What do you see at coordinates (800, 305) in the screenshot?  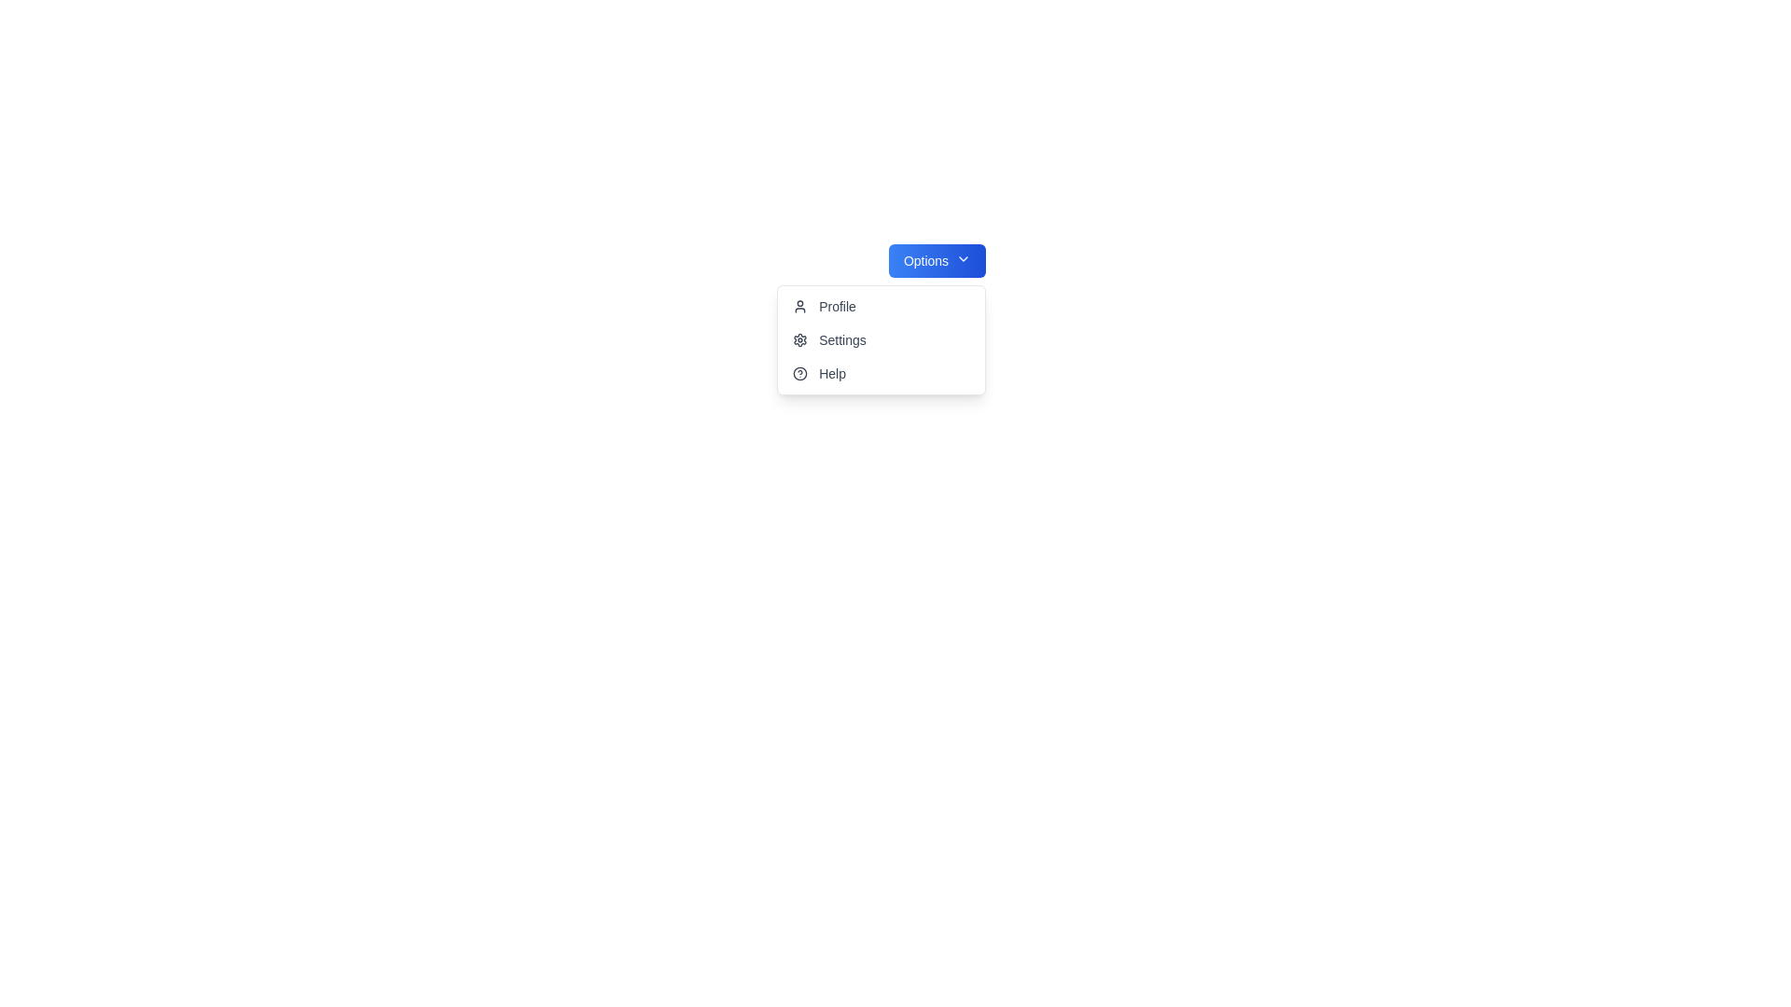 I see `the minimalist user icon representing a circular head and shoulders silhouette, located to the left of the 'Profile' text in the dropdown menu` at bounding box center [800, 305].